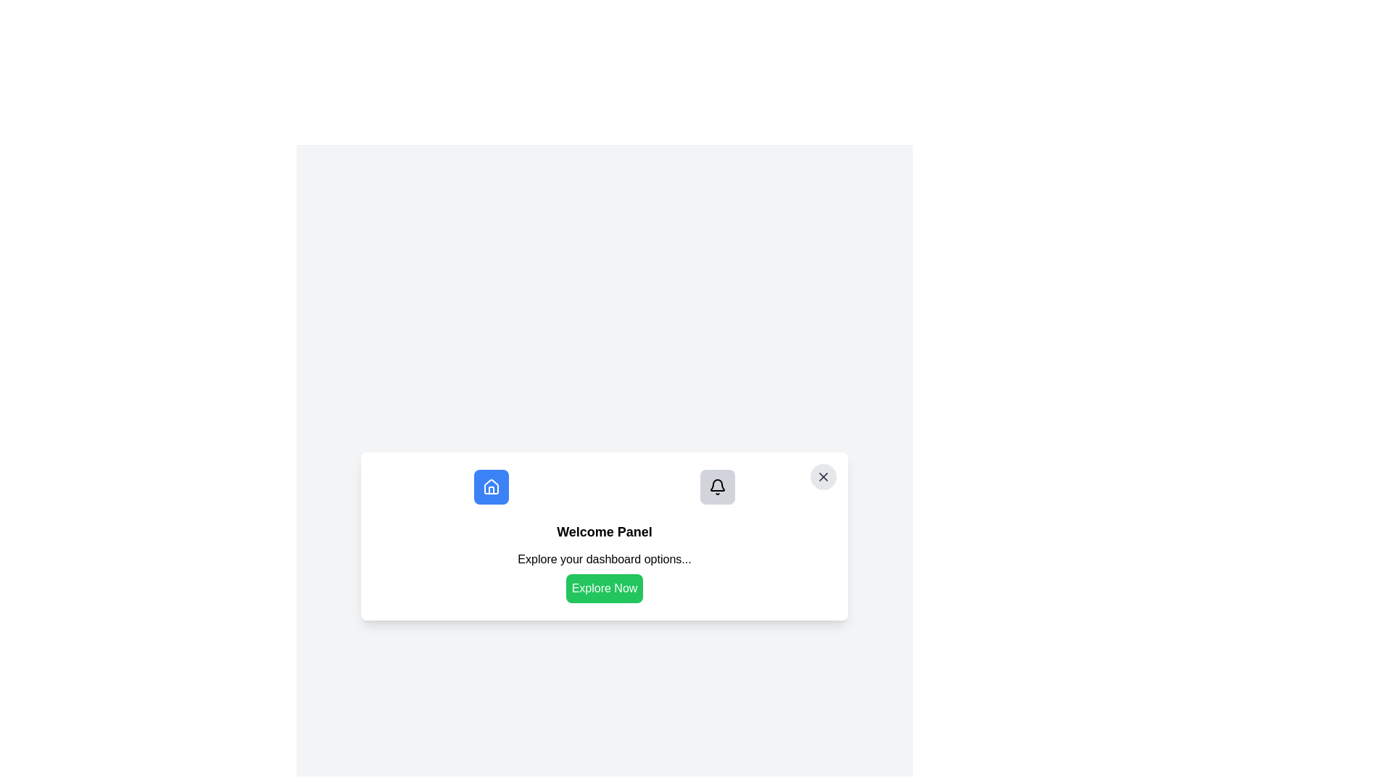 Image resolution: width=1392 pixels, height=783 pixels. What do you see at coordinates (824, 477) in the screenshot?
I see `the close or dismiss icon located at the top-right corner of the panel using keyboard tab navigation` at bounding box center [824, 477].